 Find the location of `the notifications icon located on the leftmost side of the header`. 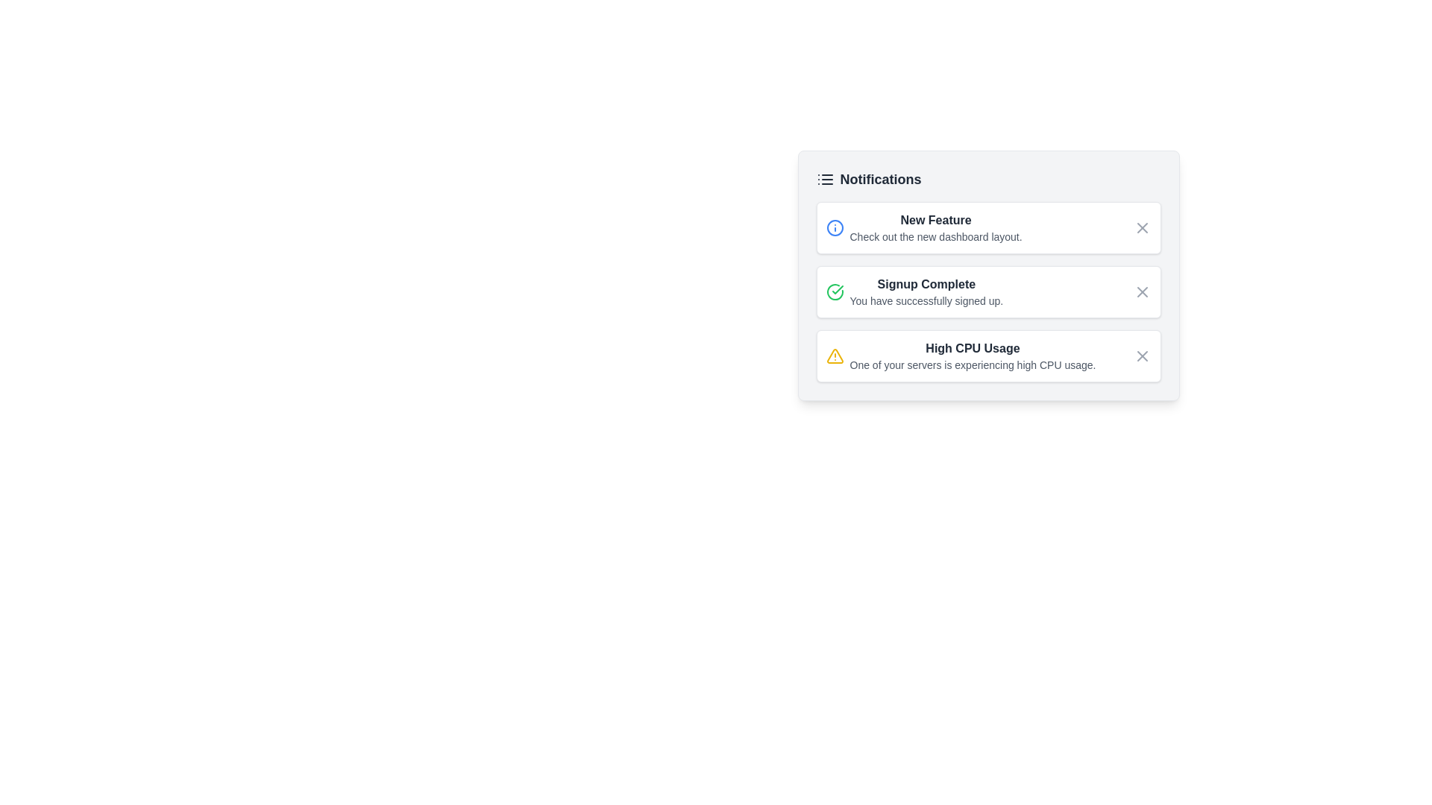

the notifications icon located on the leftmost side of the header is located at coordinates (824, 178).